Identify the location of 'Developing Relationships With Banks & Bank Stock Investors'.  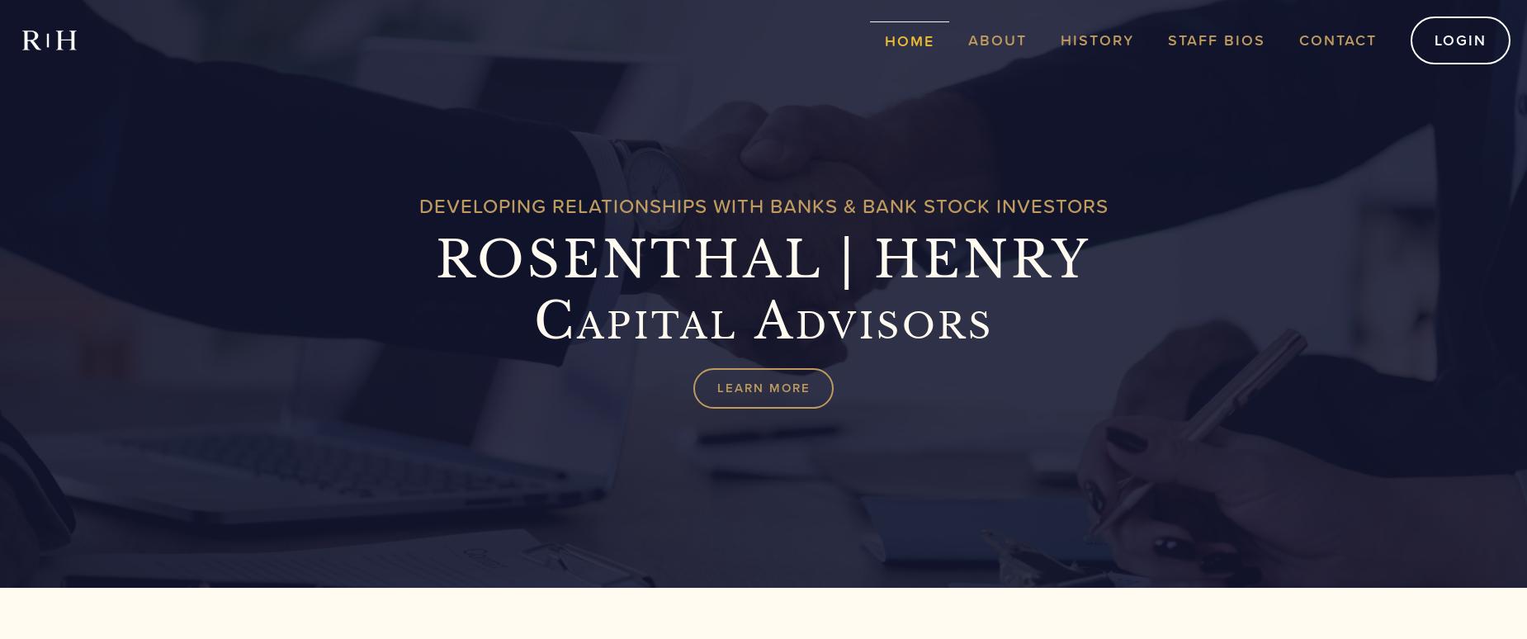
(763, 206).